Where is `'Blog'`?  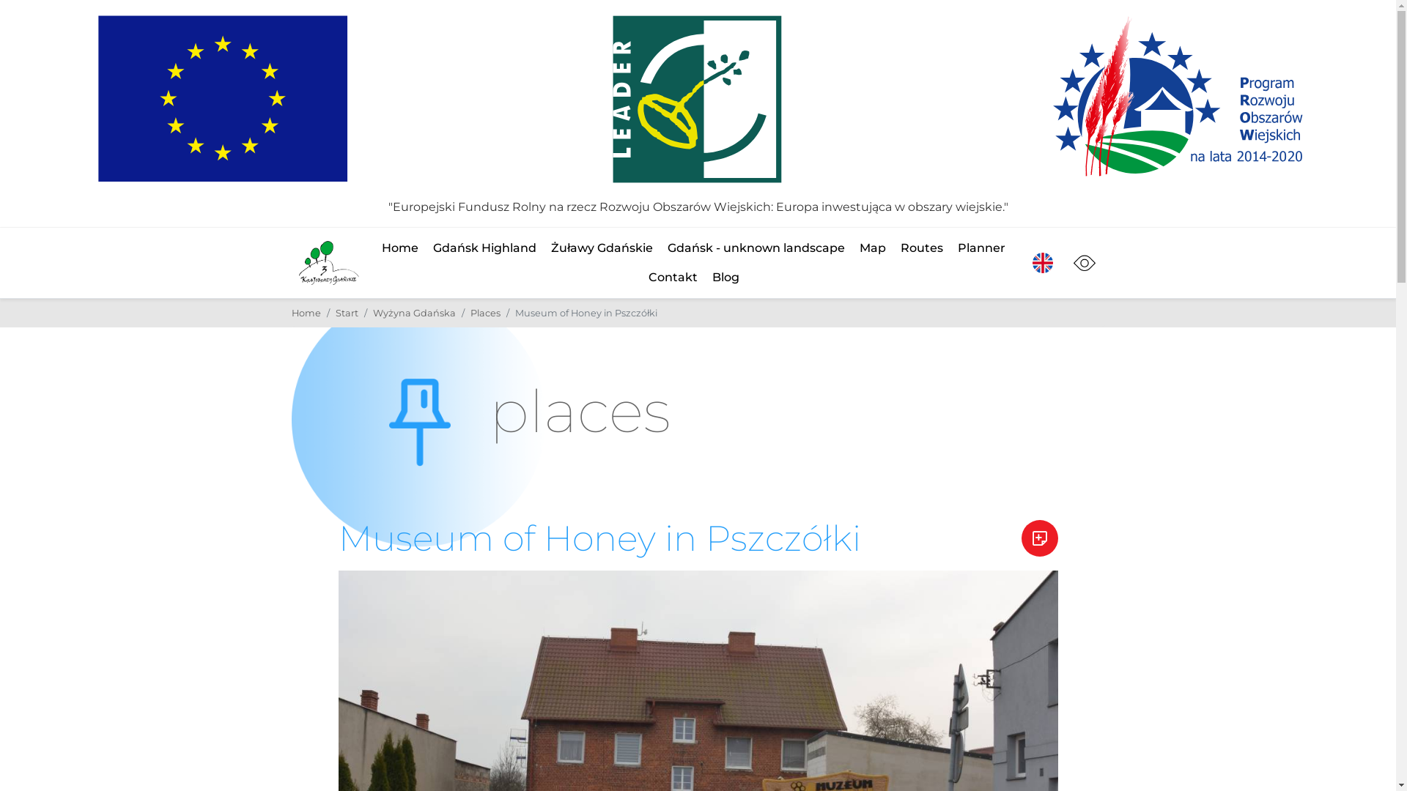 'Blog' is located at coordinates (725, 277).